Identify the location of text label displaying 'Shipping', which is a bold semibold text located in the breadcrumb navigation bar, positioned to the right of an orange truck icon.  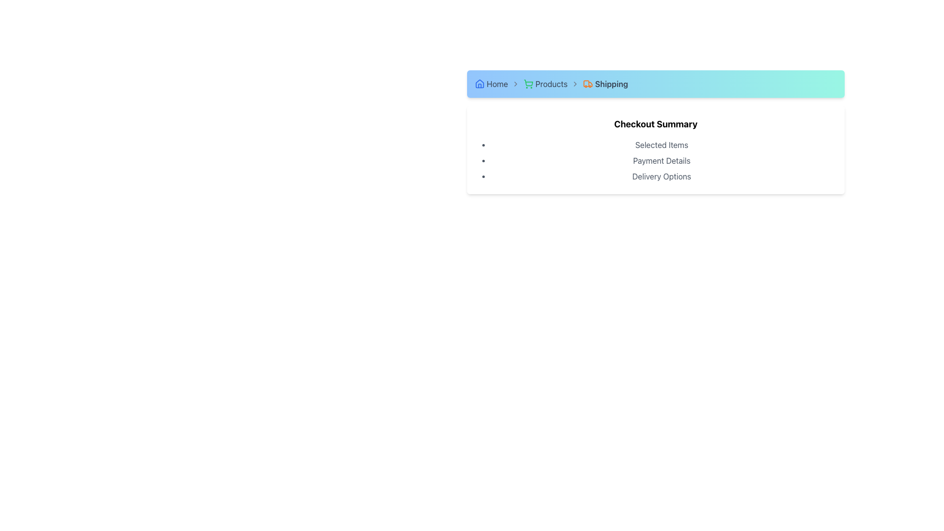
(611, 83).